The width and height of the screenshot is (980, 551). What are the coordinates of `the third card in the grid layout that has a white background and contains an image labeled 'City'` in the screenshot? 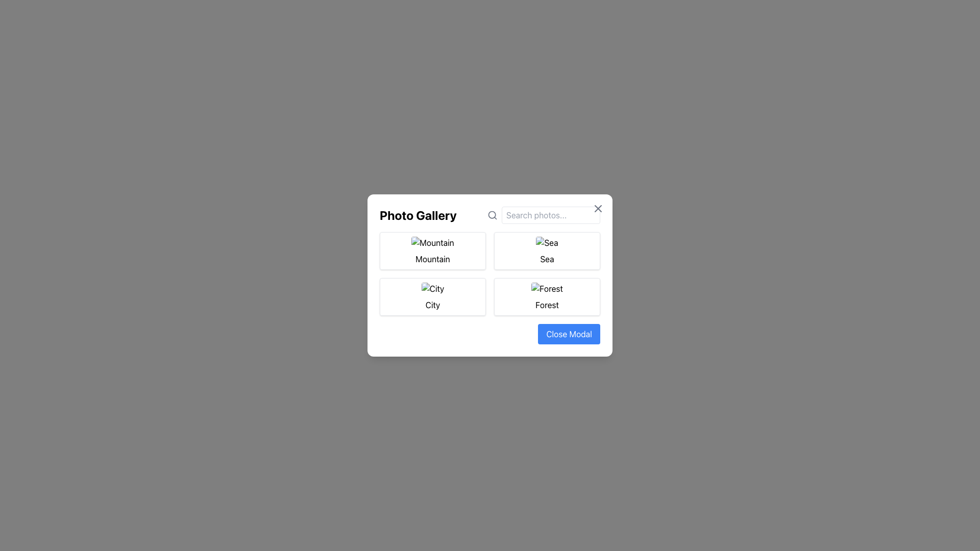 It's located at (433, 297).